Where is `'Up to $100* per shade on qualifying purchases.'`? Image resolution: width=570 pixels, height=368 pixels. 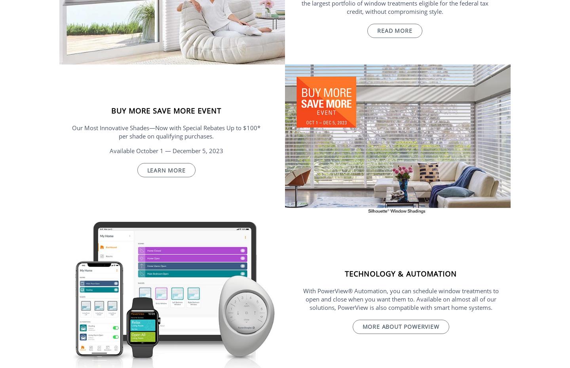 'Up to $100* per shade on qualifying purchases.' is located at coordinates (189, 131).